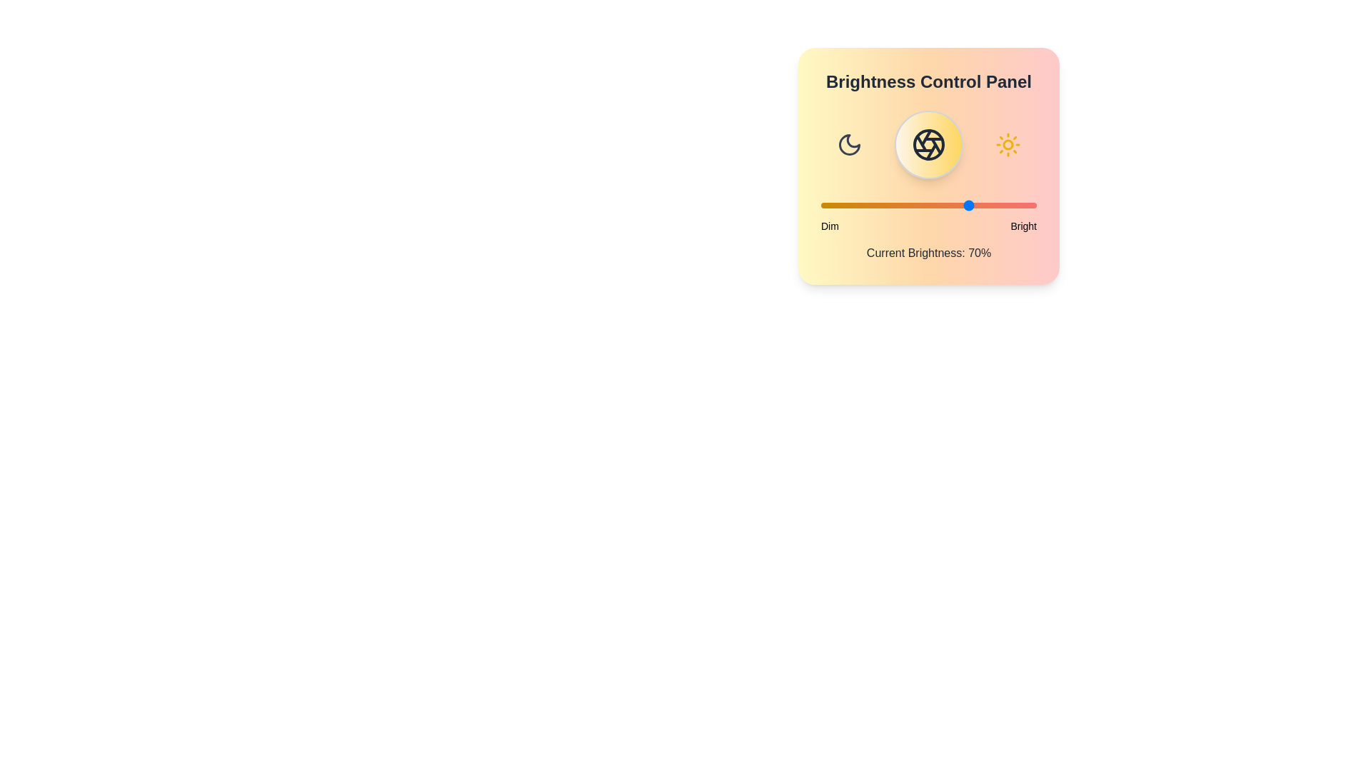  Describe the element at coordinates (931, 206) in the screenshot. I see `the brightness slider to 51%` at that location.